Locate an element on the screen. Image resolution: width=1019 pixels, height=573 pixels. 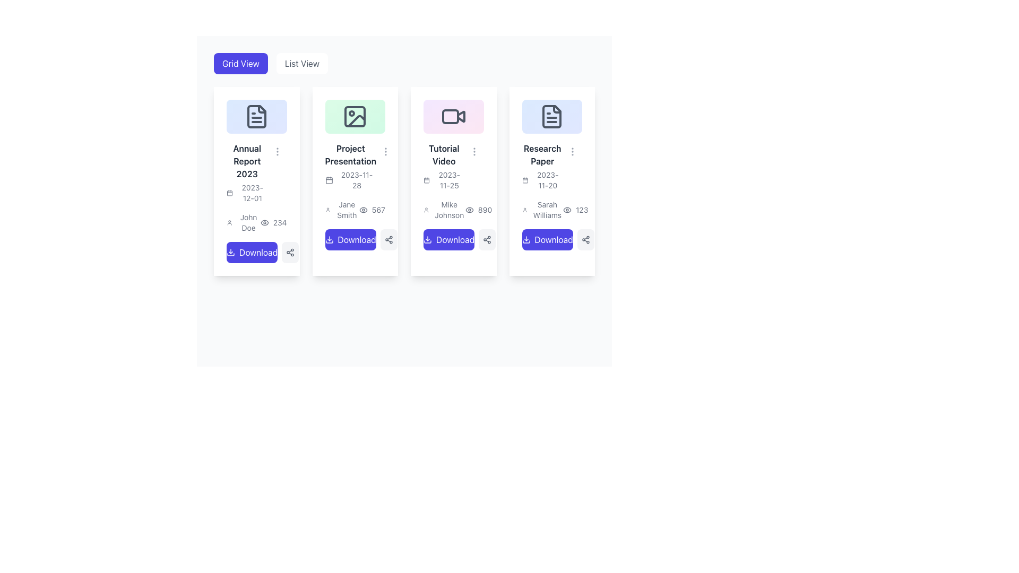
the Text label group that displays 'Annual Report 2023' and the date '2023-12-01', located in the first card of a grid layout is located at coordinates (256, 172).